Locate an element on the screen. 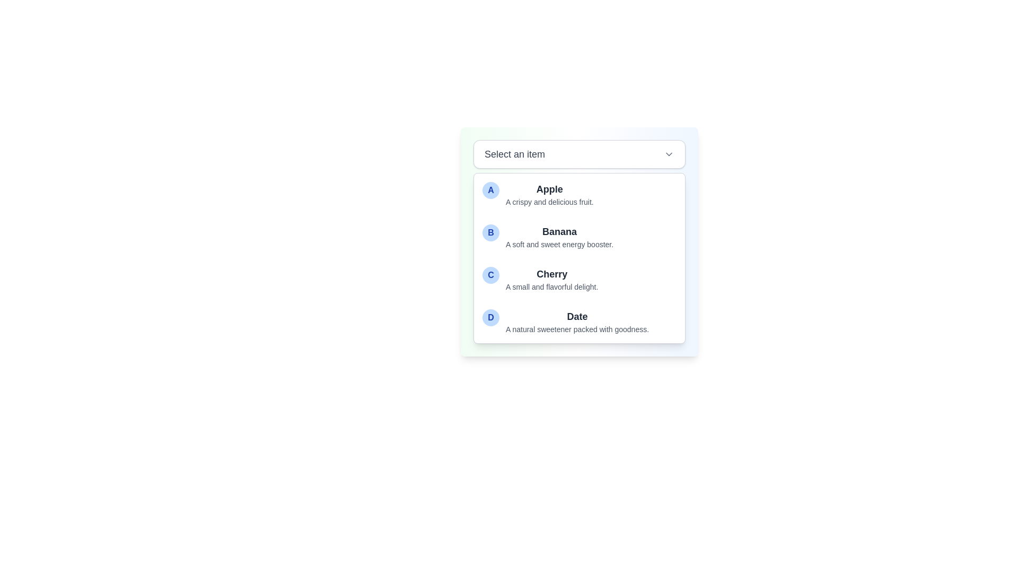  the circular badge containing the uppercase letter 'C' in bold blue font, which is positioned to the left of the 'Cherry' label in the dropdown is located at coordinates (490, 275).